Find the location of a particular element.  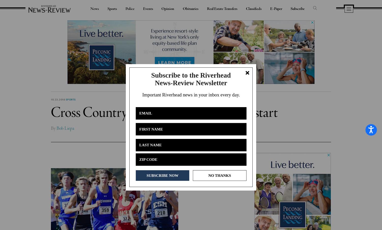

'Subscribe to the Riverhead News-Review Newsletter' is located at coordinates (190, 79).